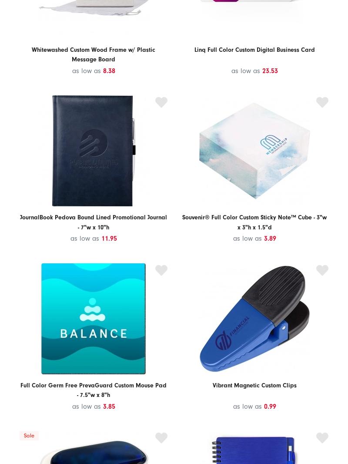  What do you see at coordinates (108, 406) in the screenshot?
I see `'3.85'` at bounding box center [108, 406].